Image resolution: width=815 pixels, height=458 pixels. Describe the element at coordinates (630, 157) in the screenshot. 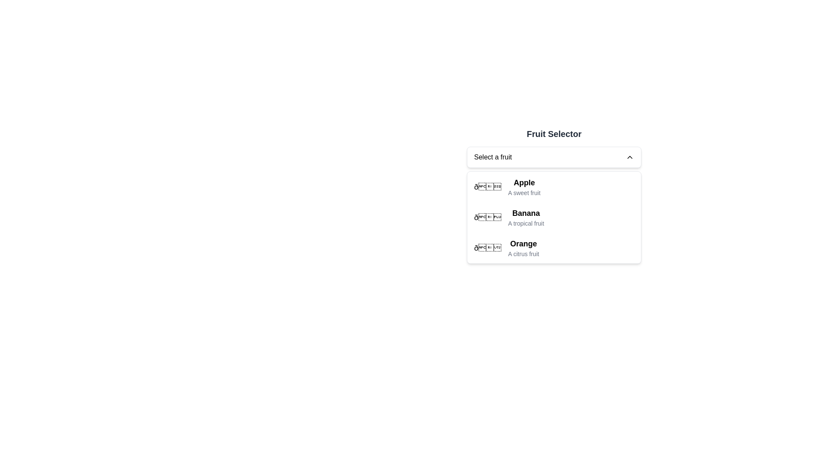

I see `the upward-facing chevron icon located at the right end of the 'Select a fruit' dropdown input field` at that location.